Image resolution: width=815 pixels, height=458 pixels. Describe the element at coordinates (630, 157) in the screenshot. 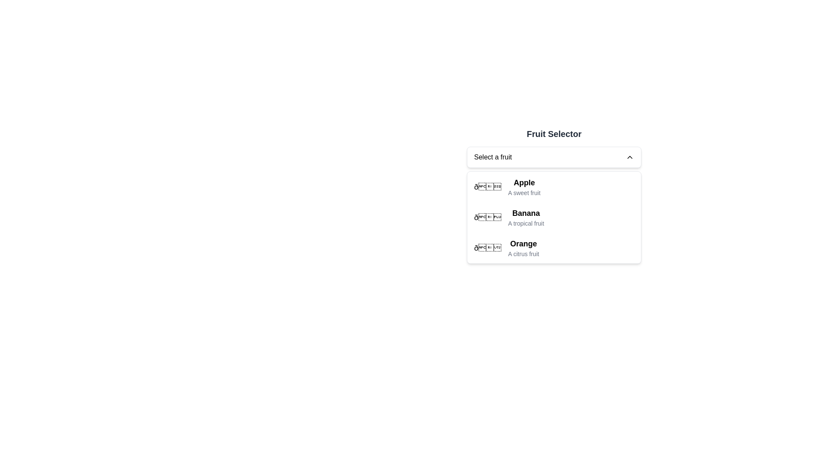

I see `the upward-facing chevron icon located at the right end of the 'Select a fruit' dropdown input field` at that location.